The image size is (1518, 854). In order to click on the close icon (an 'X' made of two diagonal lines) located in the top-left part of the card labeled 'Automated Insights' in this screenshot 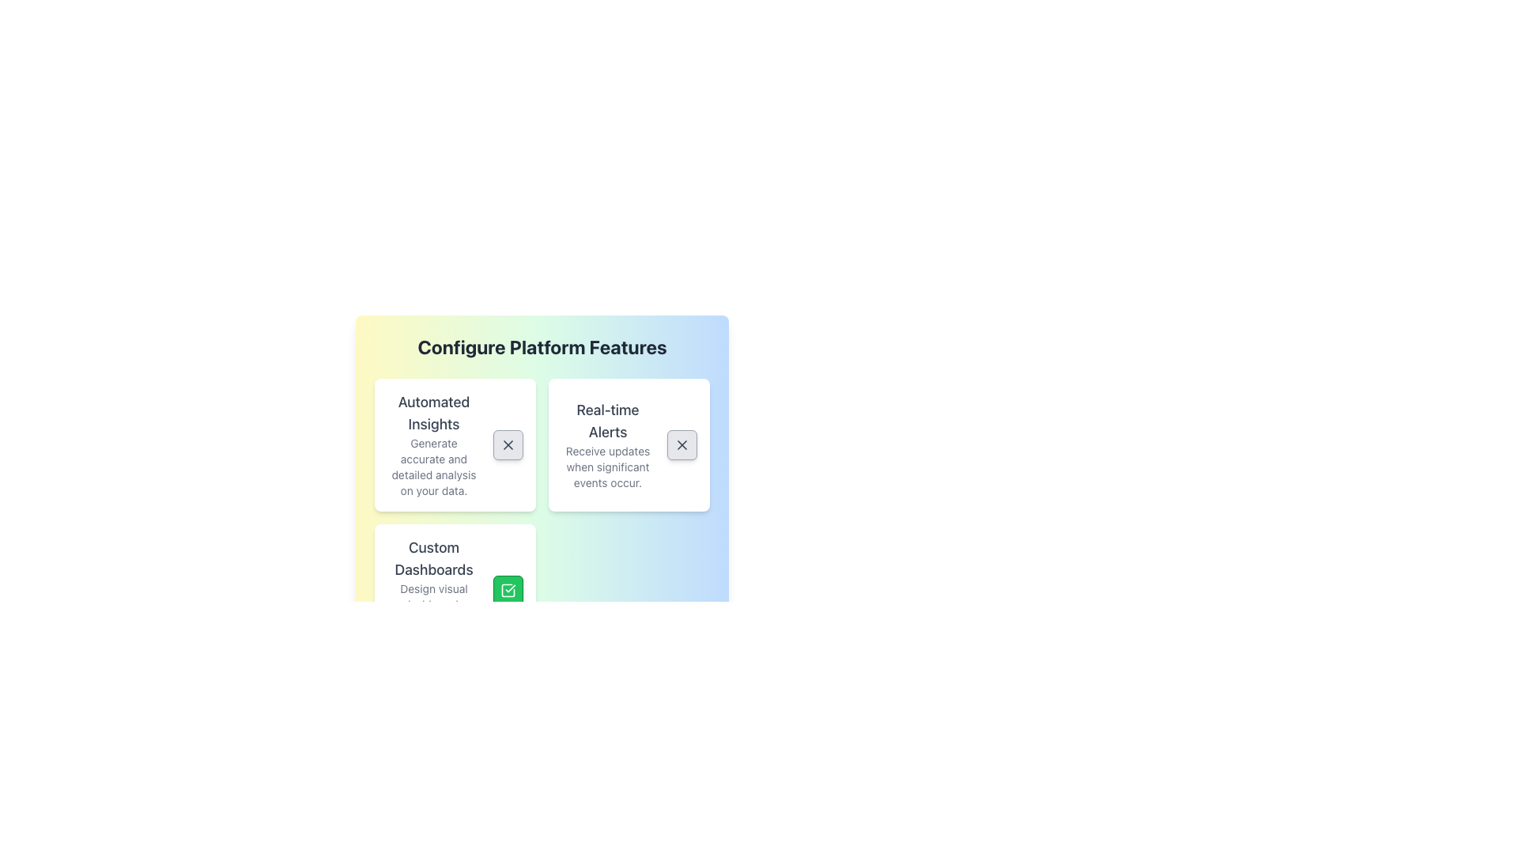, I will do `click(508, 445)`.